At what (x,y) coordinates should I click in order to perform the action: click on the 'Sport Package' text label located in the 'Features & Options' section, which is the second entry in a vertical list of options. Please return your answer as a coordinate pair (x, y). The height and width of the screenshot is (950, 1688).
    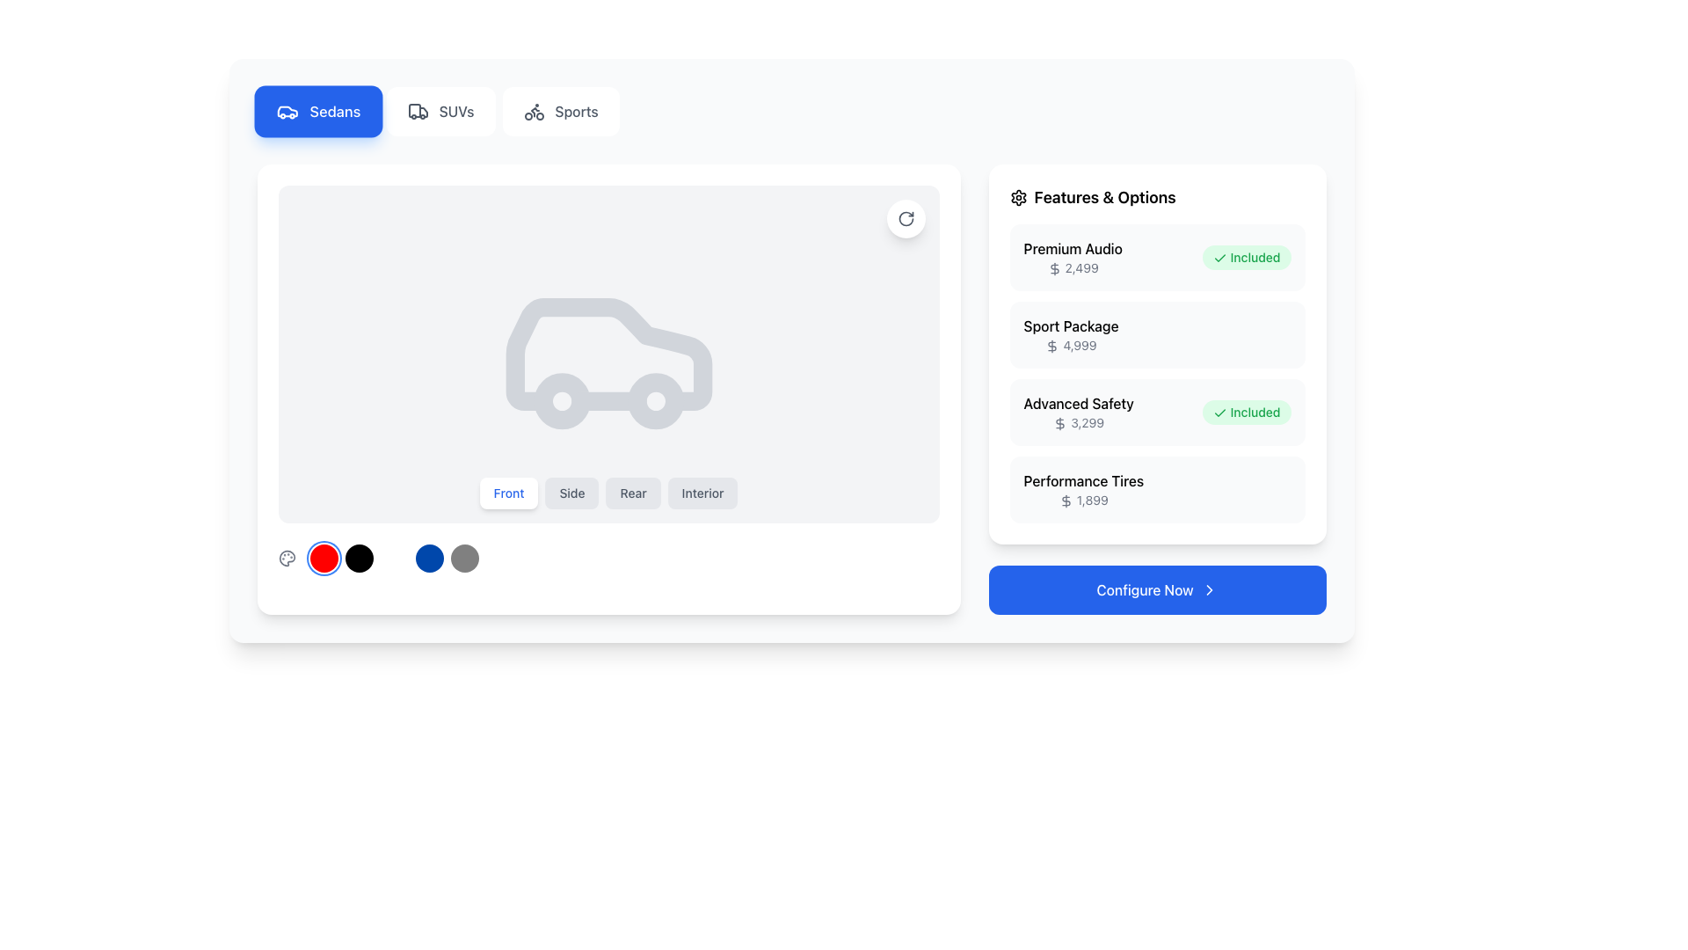
    Looking at the image, I should click on (1070, 325).